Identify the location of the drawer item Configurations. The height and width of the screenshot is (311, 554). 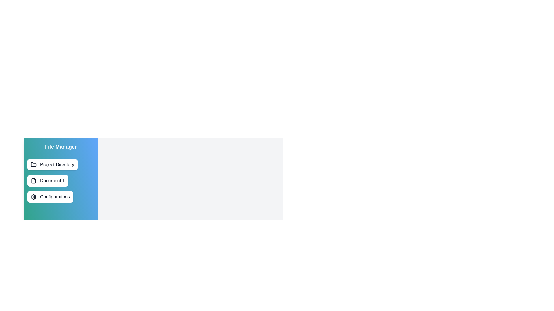
(50, 196).